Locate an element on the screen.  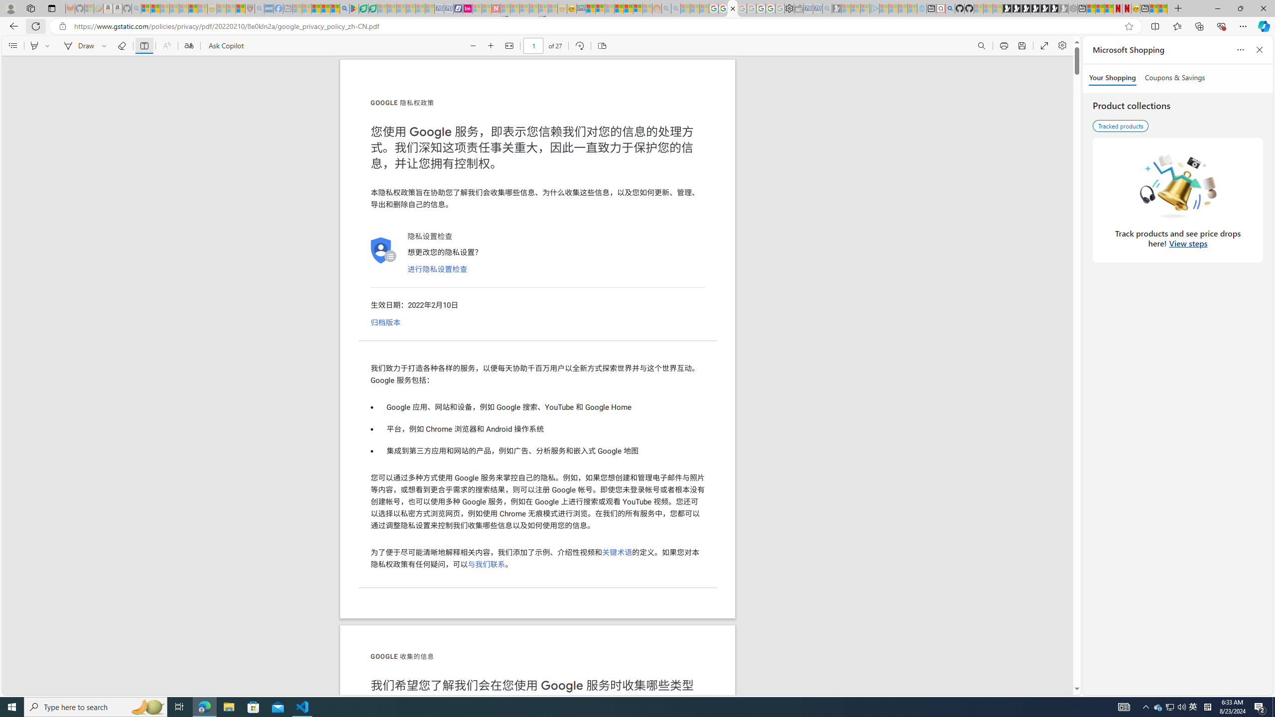
'Highlight' is located at coordinates (34, 45).